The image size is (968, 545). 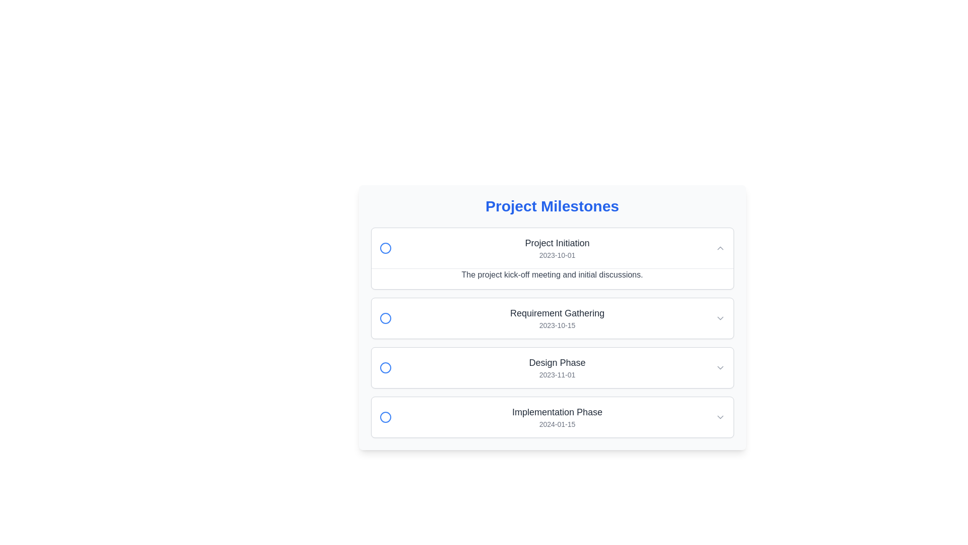 I want to click on the milestone titled 'Implementation Phase' with the date '2024-01-15' for further details, so click(x=557, y=417).